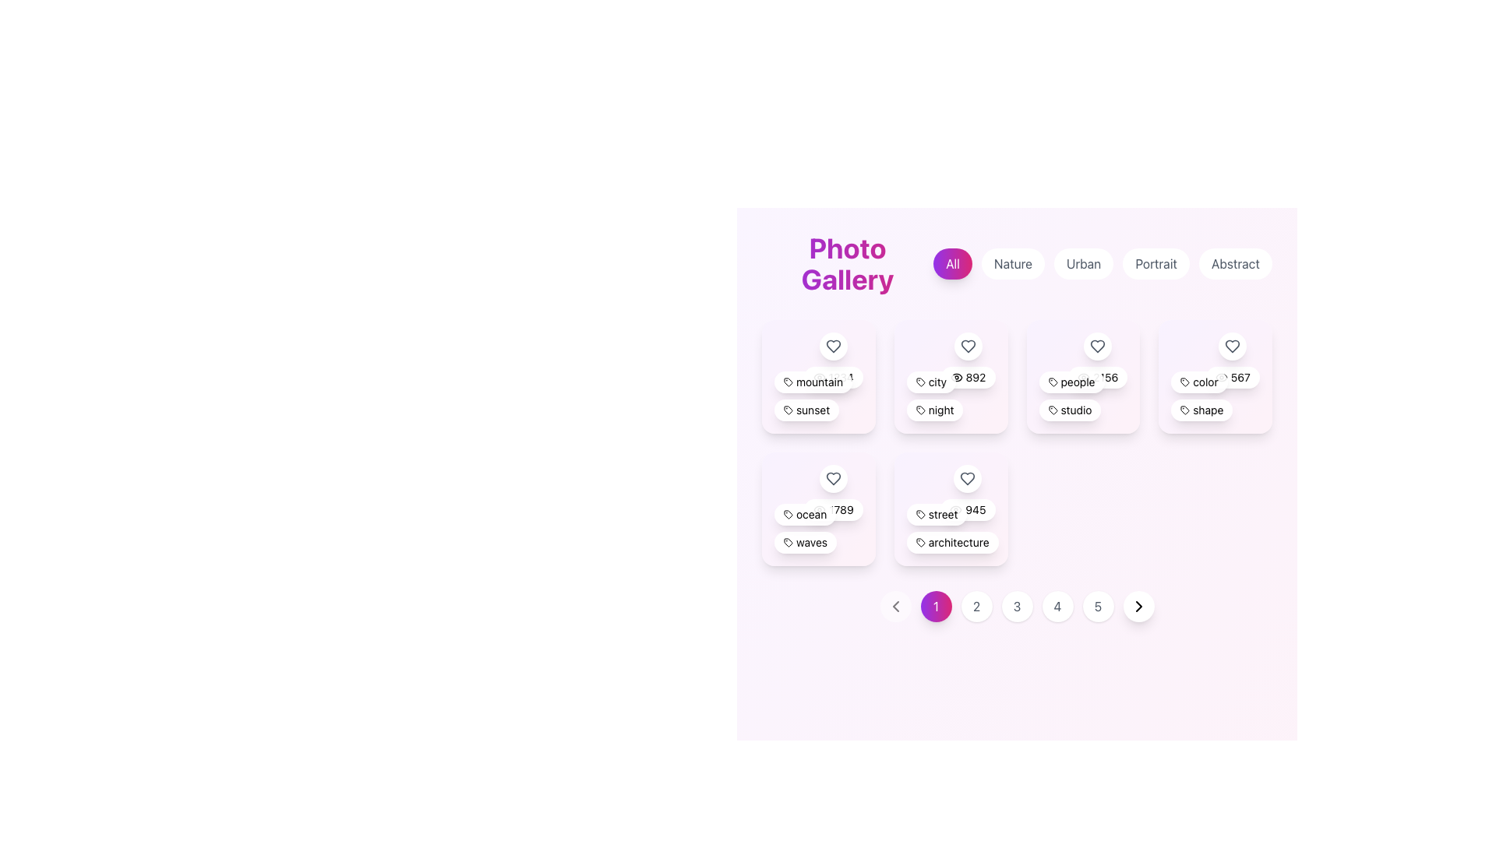 This screenshot has height=841, width=1496. I want to click on the small tag-shaped icon to the left of the text 'ocean' within the pill-shaped label in the second row, first column of the grid, so click(789, 514).